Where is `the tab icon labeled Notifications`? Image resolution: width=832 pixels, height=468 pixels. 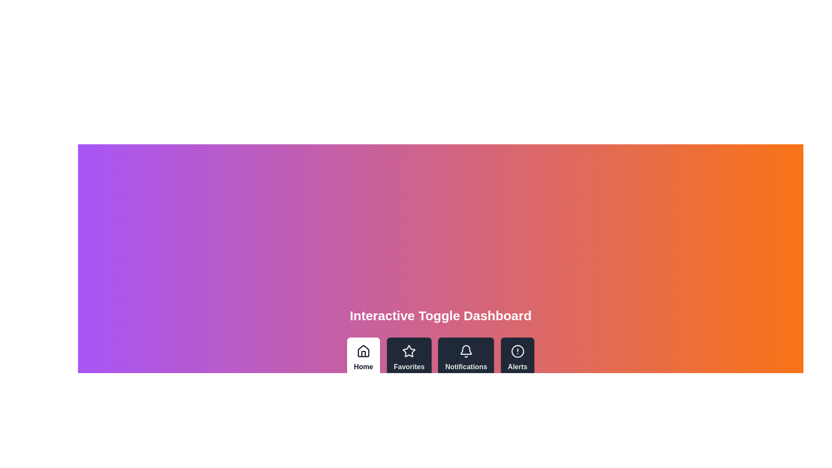 the tab icon labeled Notifications is located at coordinates (465, 358).